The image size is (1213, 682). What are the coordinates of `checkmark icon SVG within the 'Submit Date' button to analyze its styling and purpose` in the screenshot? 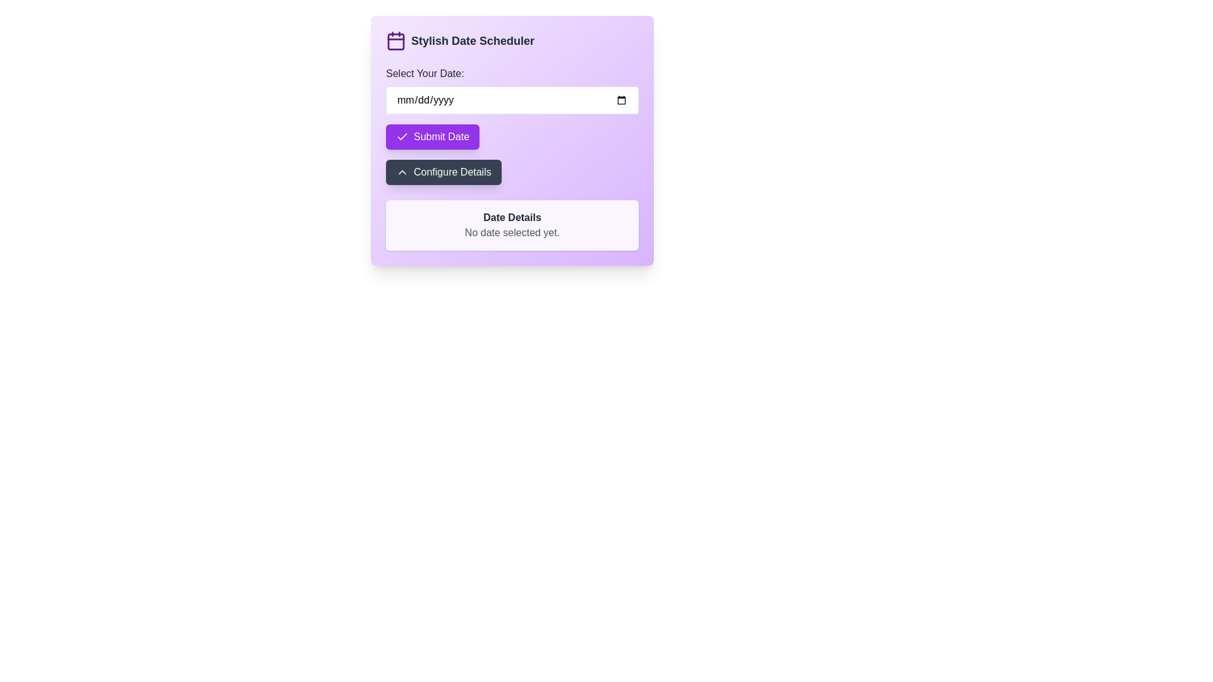 It's located at (402, 136).